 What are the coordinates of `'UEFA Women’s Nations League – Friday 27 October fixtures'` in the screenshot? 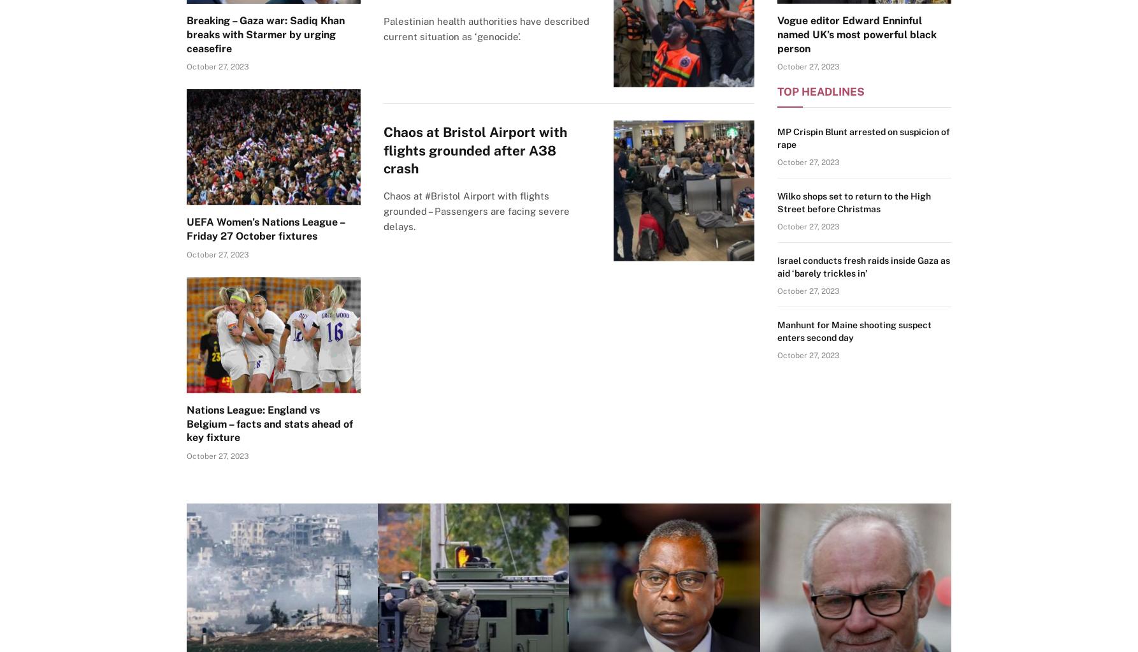 It's located at (266, 228).